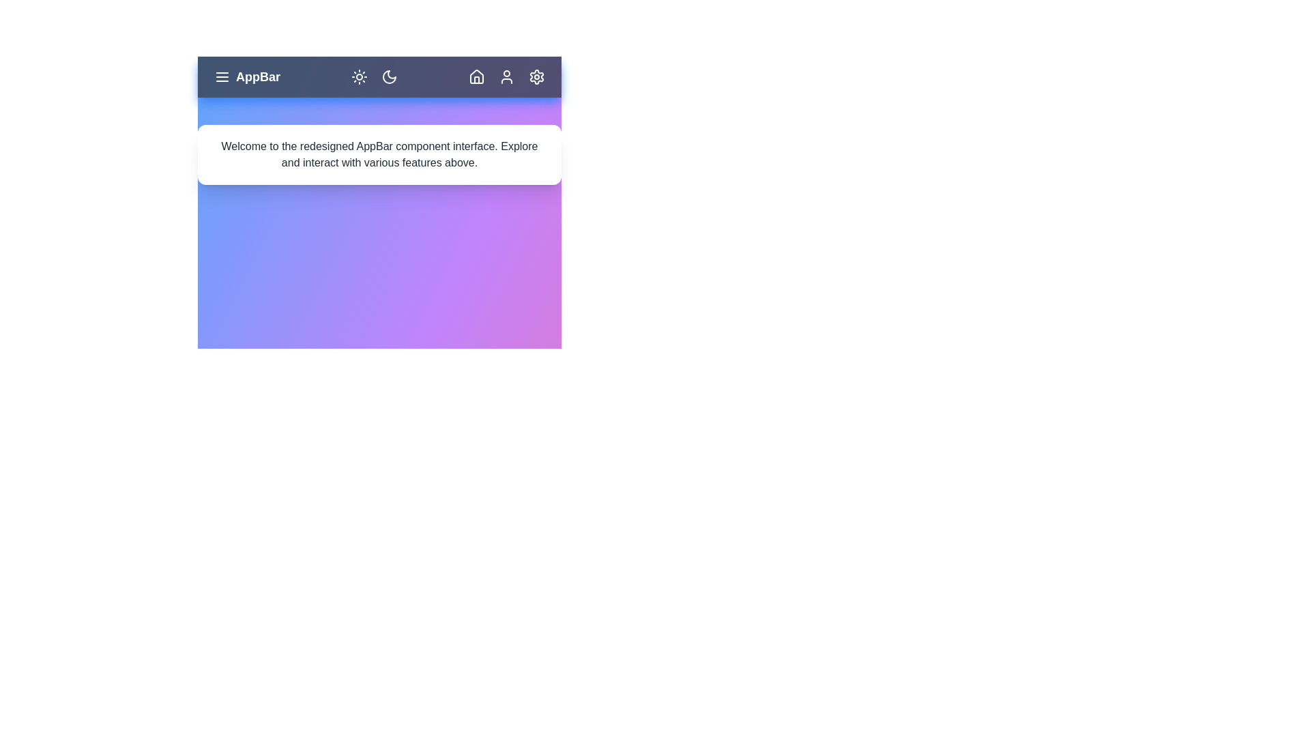  I want to click on the menu icon to toggle the navigation menu, so click(222, 76).